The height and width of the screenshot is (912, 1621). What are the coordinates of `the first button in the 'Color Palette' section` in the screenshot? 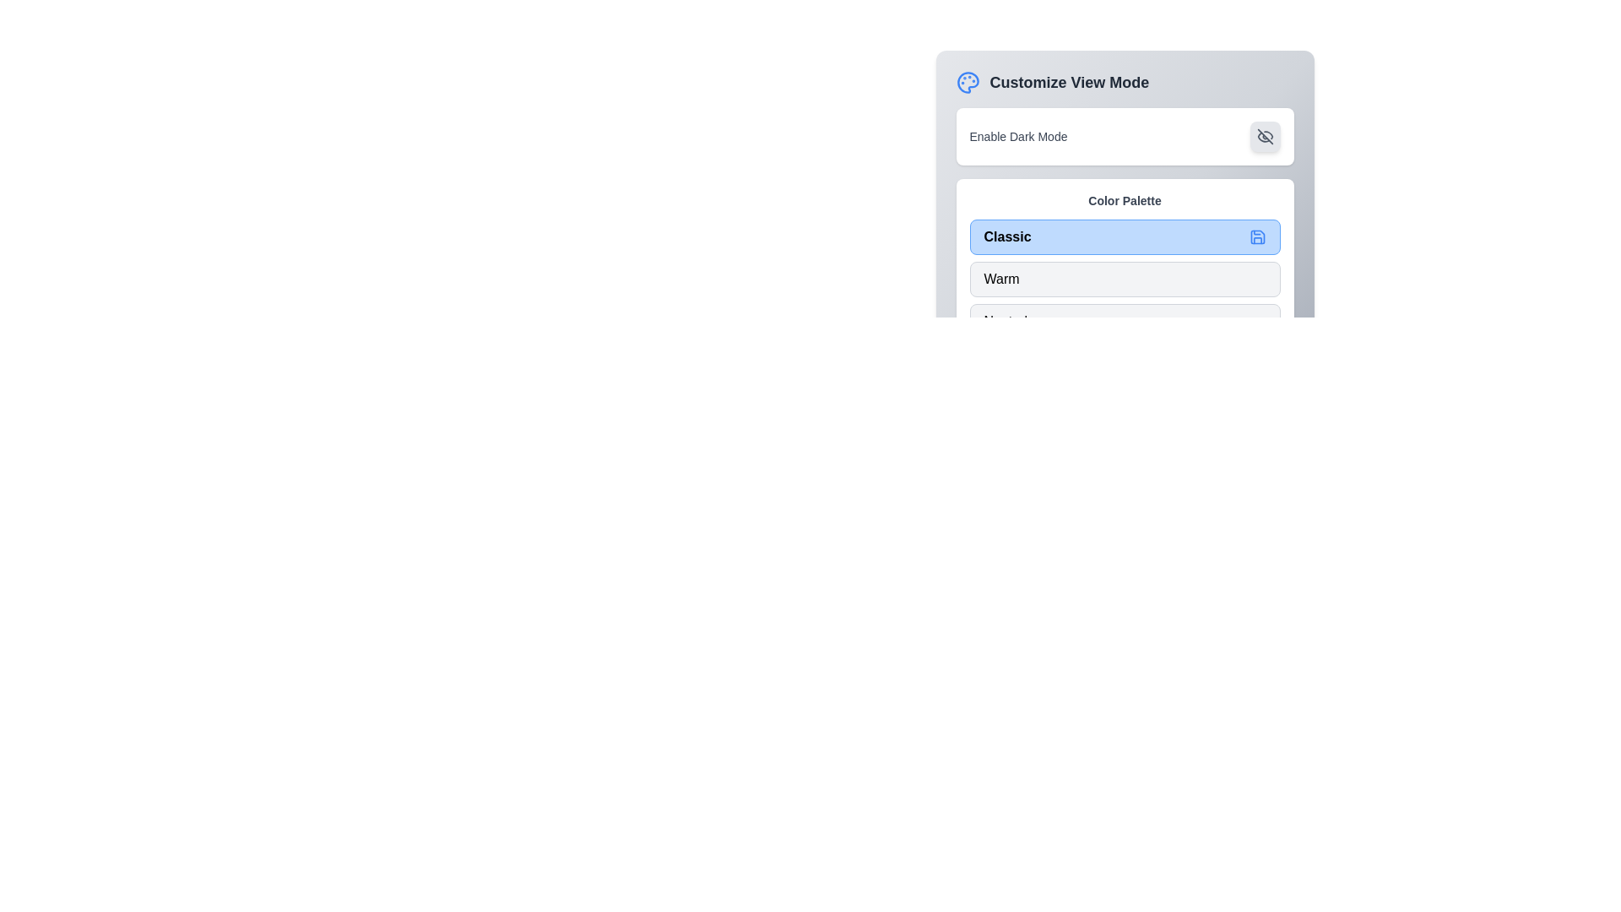 It's located at (1125, 237).